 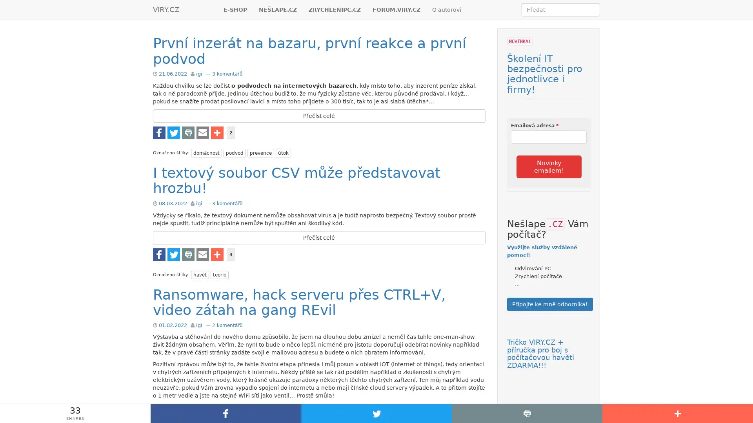 What do you see at coordinates (188, 132) in the screenshot?
I see `Share to Tisknout` at bounding box center [188, 132].